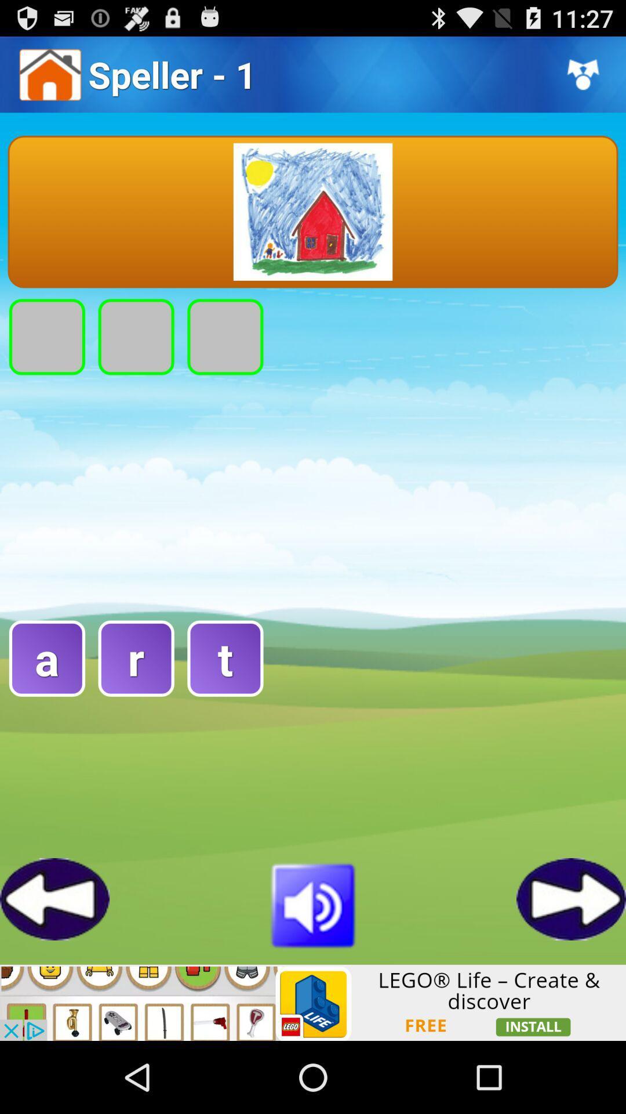  I want to click on button with home drawing on it, so click(313, 212).